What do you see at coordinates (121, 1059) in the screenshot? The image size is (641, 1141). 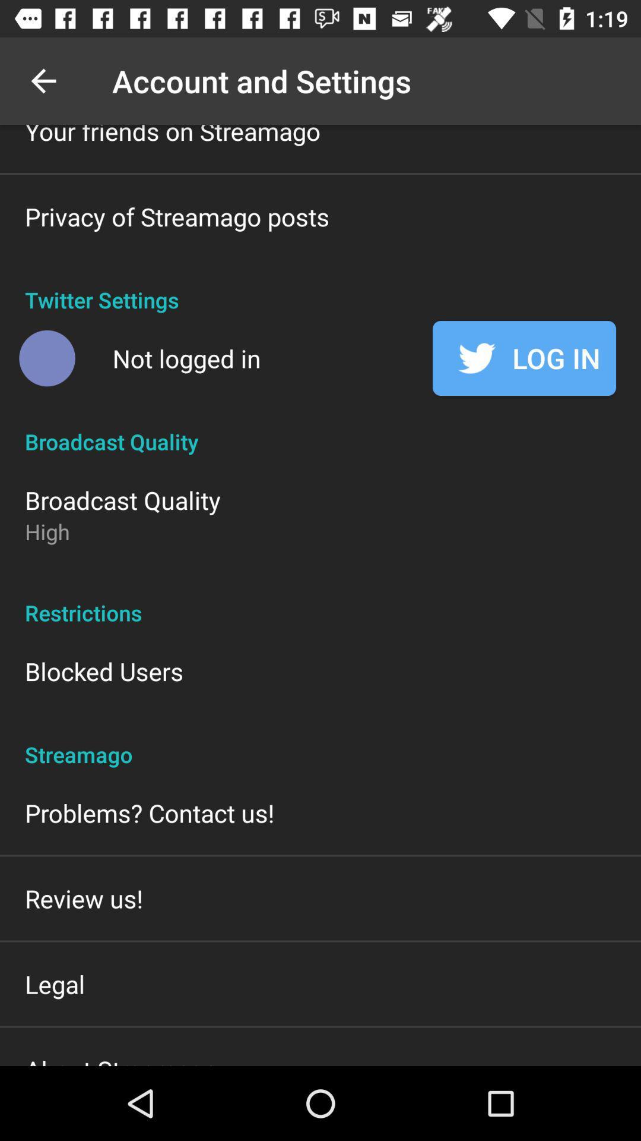 I see `about streamago icon` at bounding box center [121, 1059].